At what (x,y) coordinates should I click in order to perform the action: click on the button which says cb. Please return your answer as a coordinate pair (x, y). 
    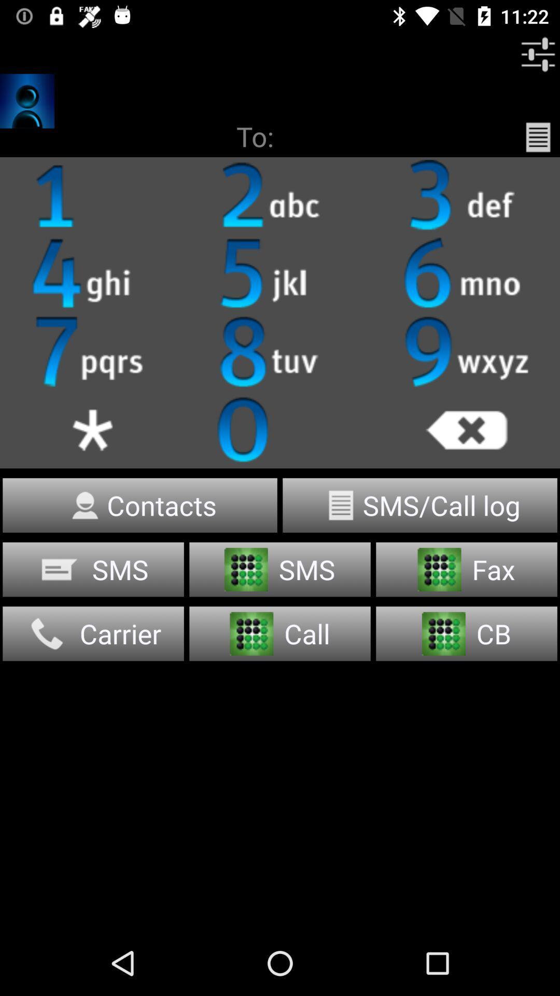
    Looking at the image, I should click on (466, 633).